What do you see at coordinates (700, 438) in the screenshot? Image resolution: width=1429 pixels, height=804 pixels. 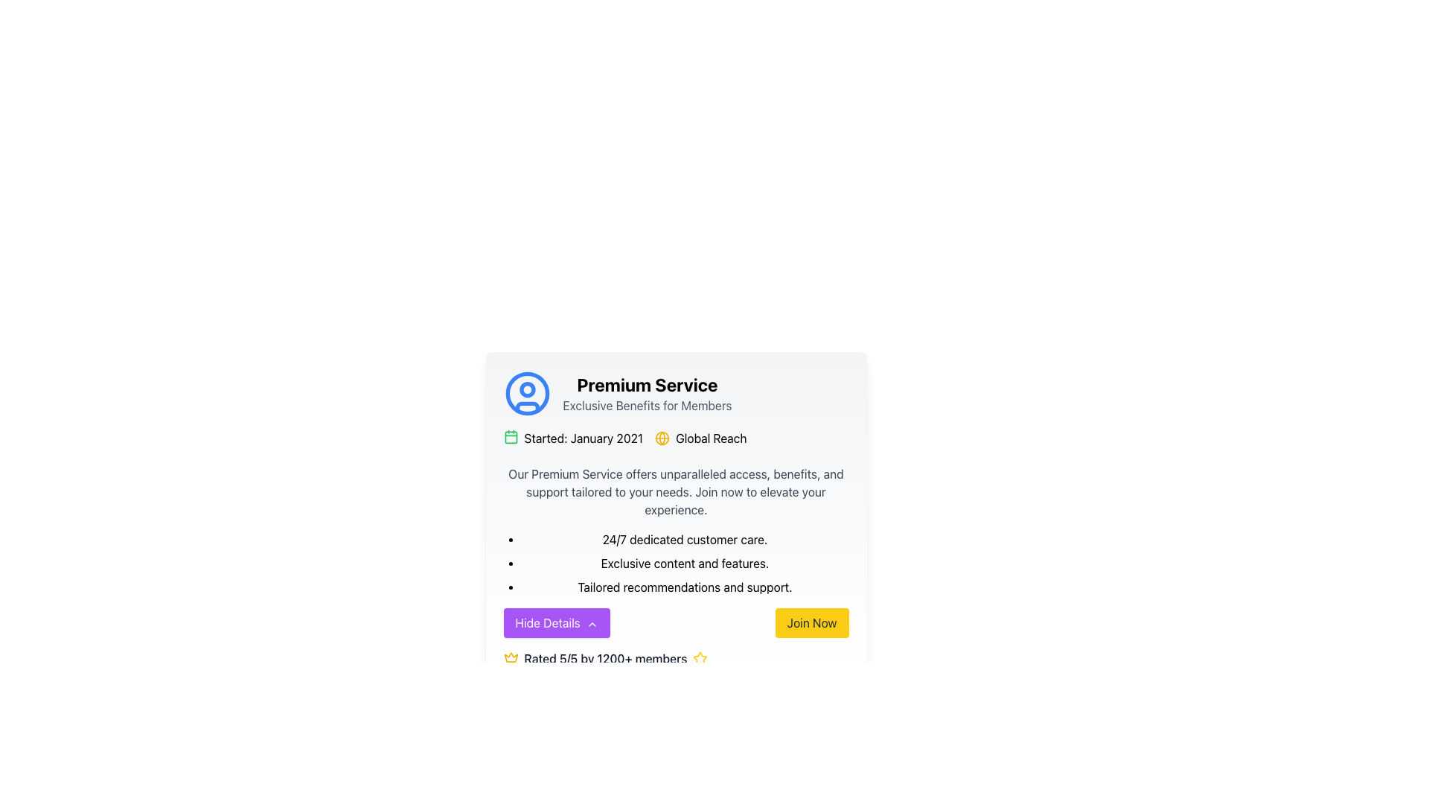 I see `the 'Global Reach' text label and globe icon` at bounding box center [700, 438].